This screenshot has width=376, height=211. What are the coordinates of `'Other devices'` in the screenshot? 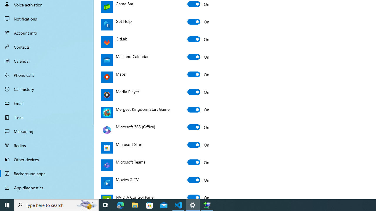 It's located at (47, 159).